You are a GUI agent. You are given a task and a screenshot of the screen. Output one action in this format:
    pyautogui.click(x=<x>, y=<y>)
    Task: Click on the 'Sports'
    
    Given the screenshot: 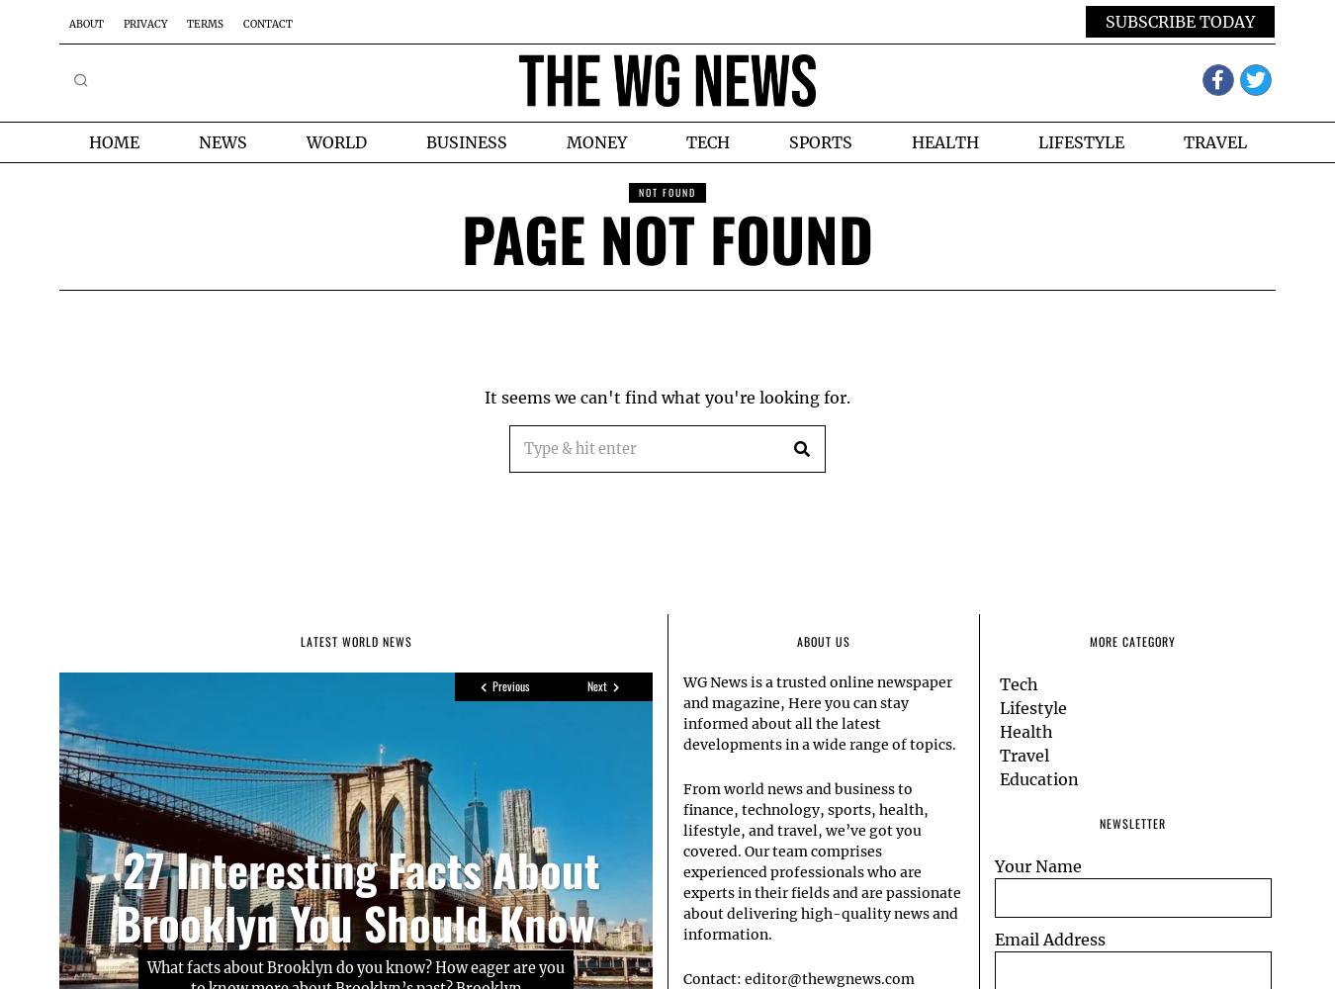 What is the action you would take?
    pyautogui.click(x=820, y=141)
    